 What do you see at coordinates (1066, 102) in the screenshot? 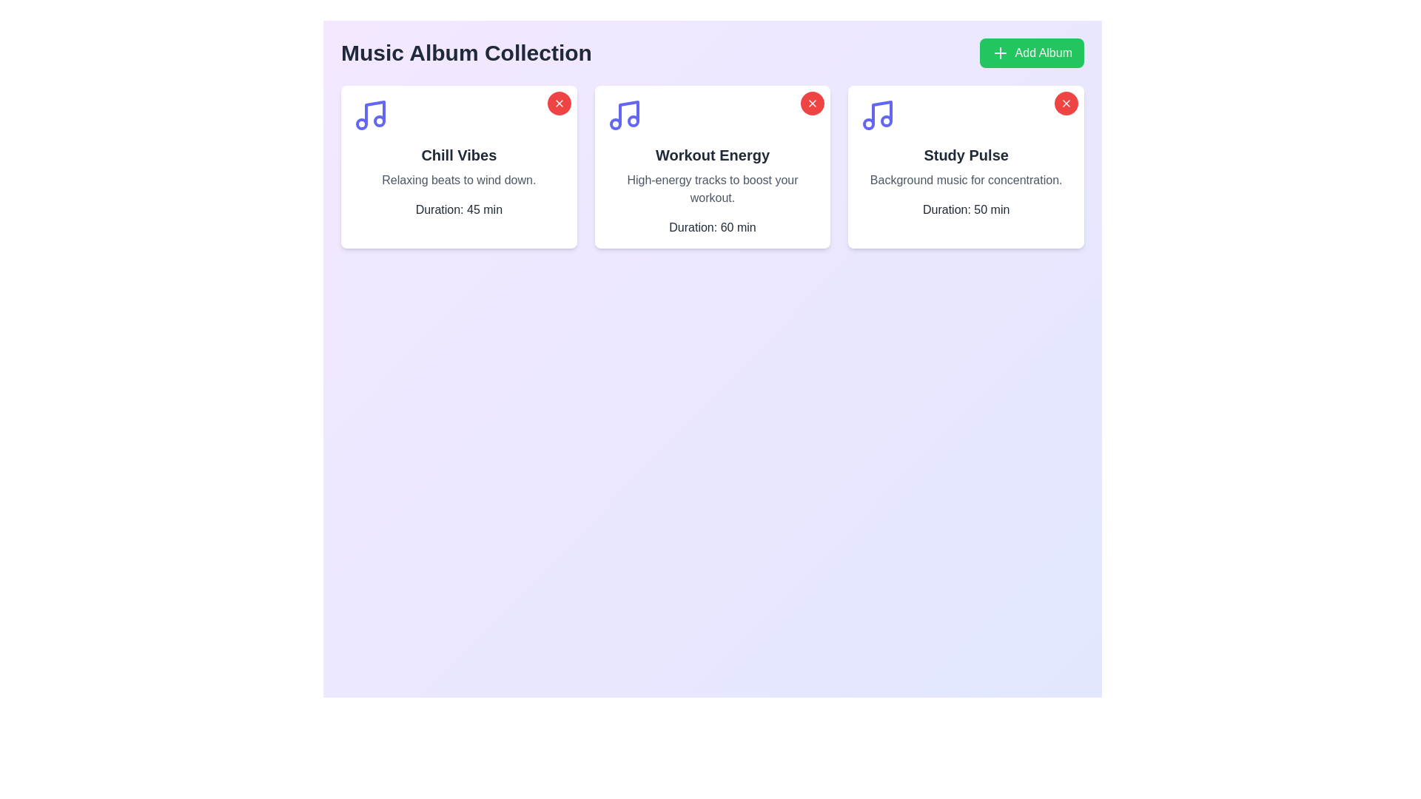
I see `the circular red button with a white 'X' icon located at the top-right corner of the 'Study Pulse' card` at bounding box center [1066, 102].